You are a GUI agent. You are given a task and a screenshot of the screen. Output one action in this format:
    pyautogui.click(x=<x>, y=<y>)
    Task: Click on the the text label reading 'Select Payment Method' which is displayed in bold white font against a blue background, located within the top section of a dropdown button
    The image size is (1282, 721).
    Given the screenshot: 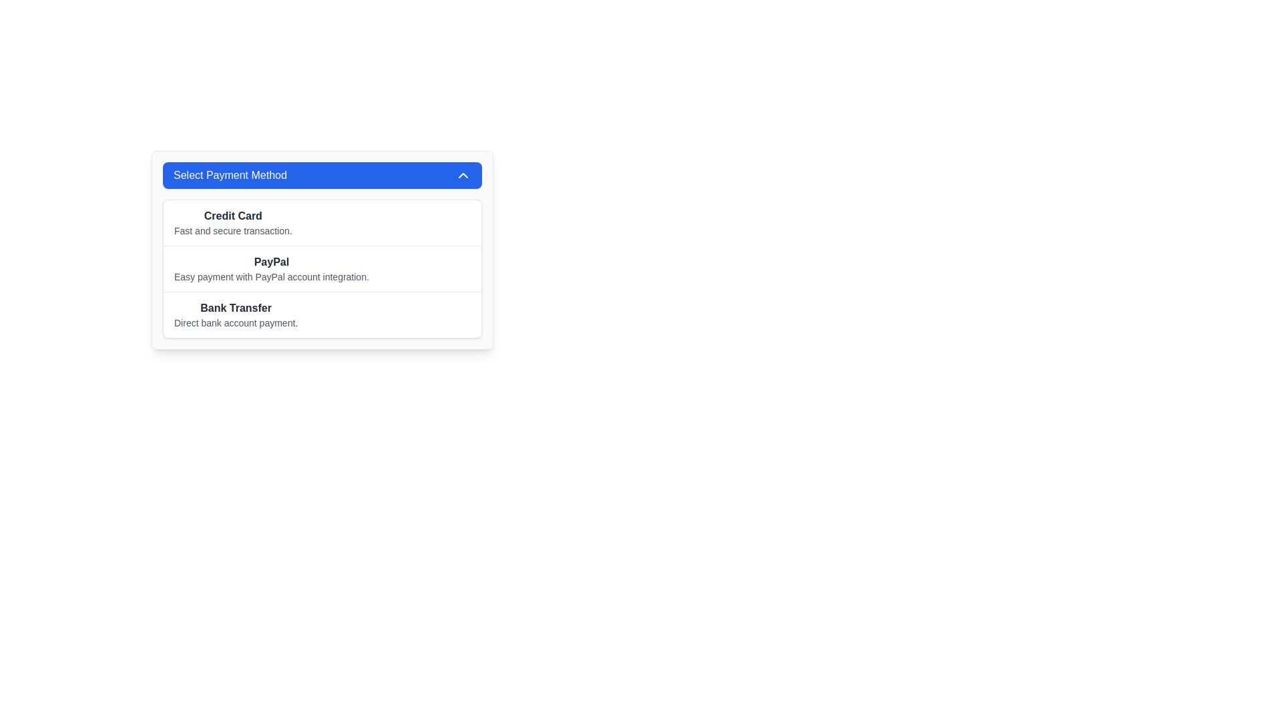 What is the action you would take?
    pyautogui.click(x=230, y=174)
    